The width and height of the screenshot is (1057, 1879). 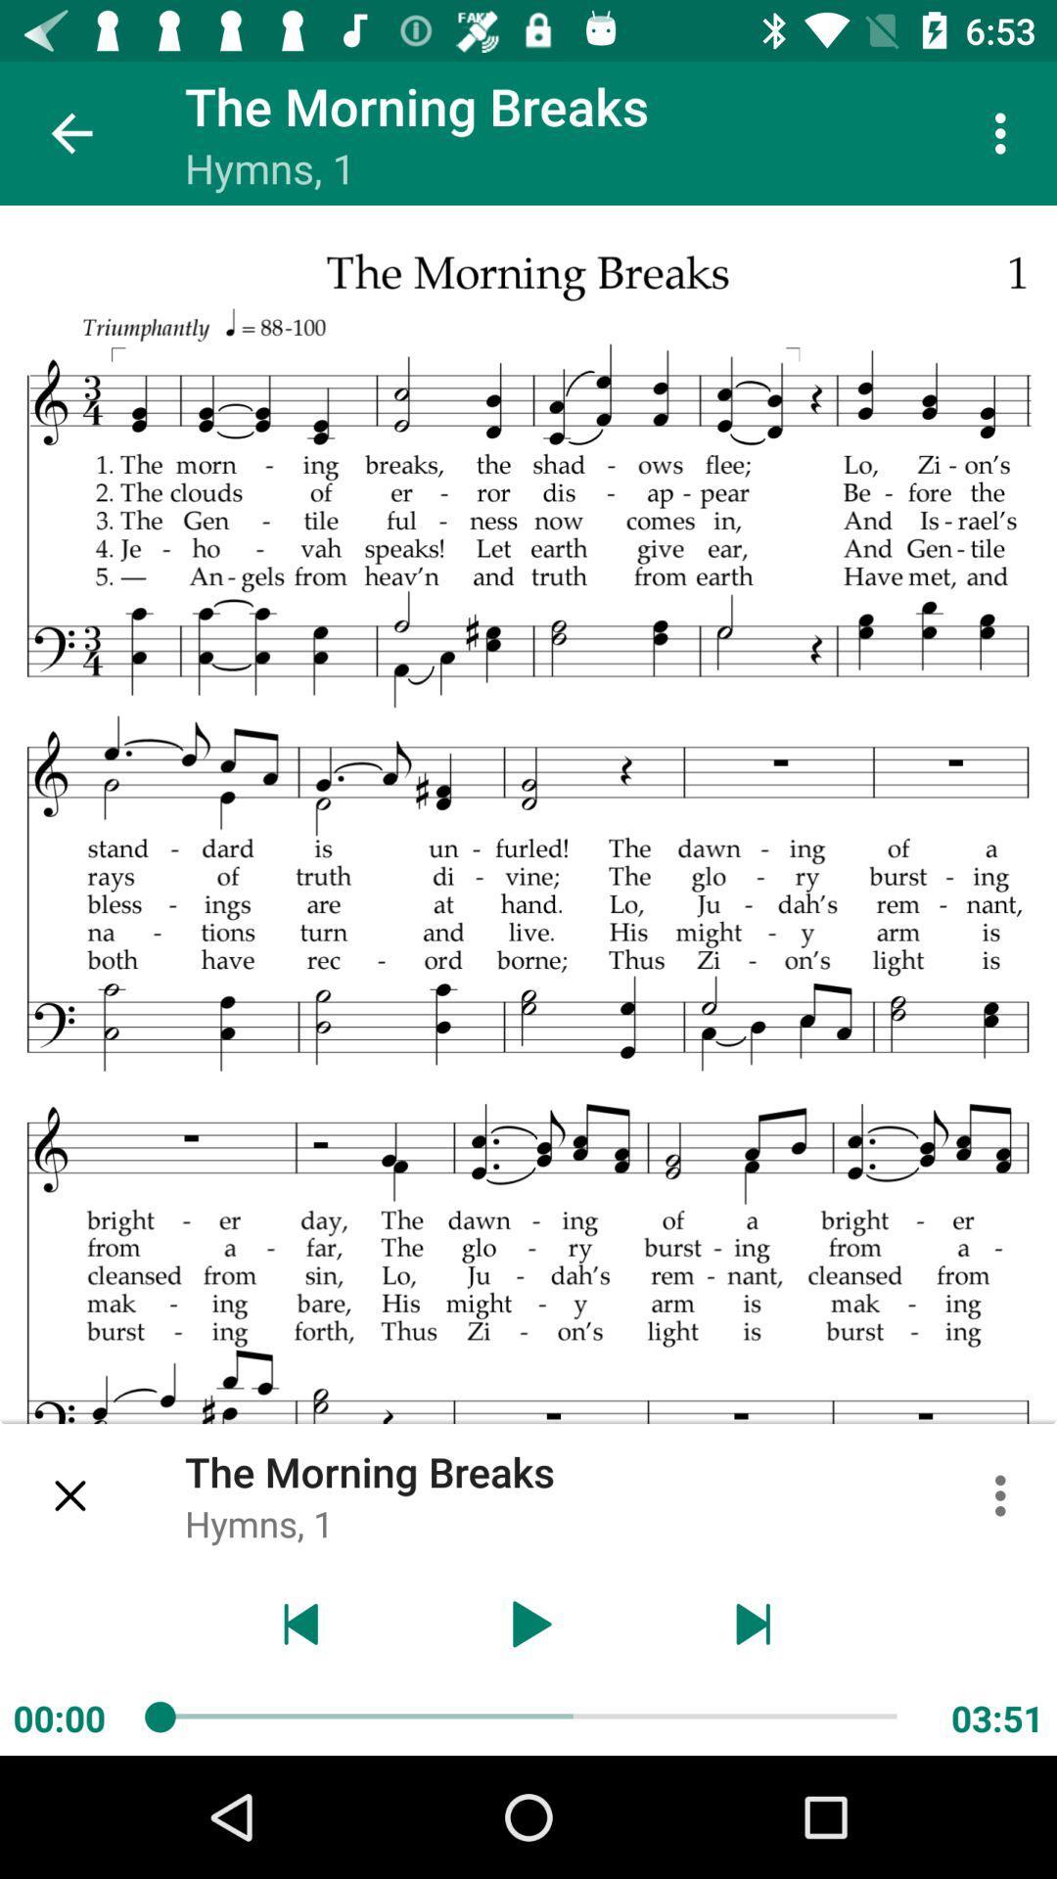 I want to click on the skip_previous icon, so click(x=301, y=1624).